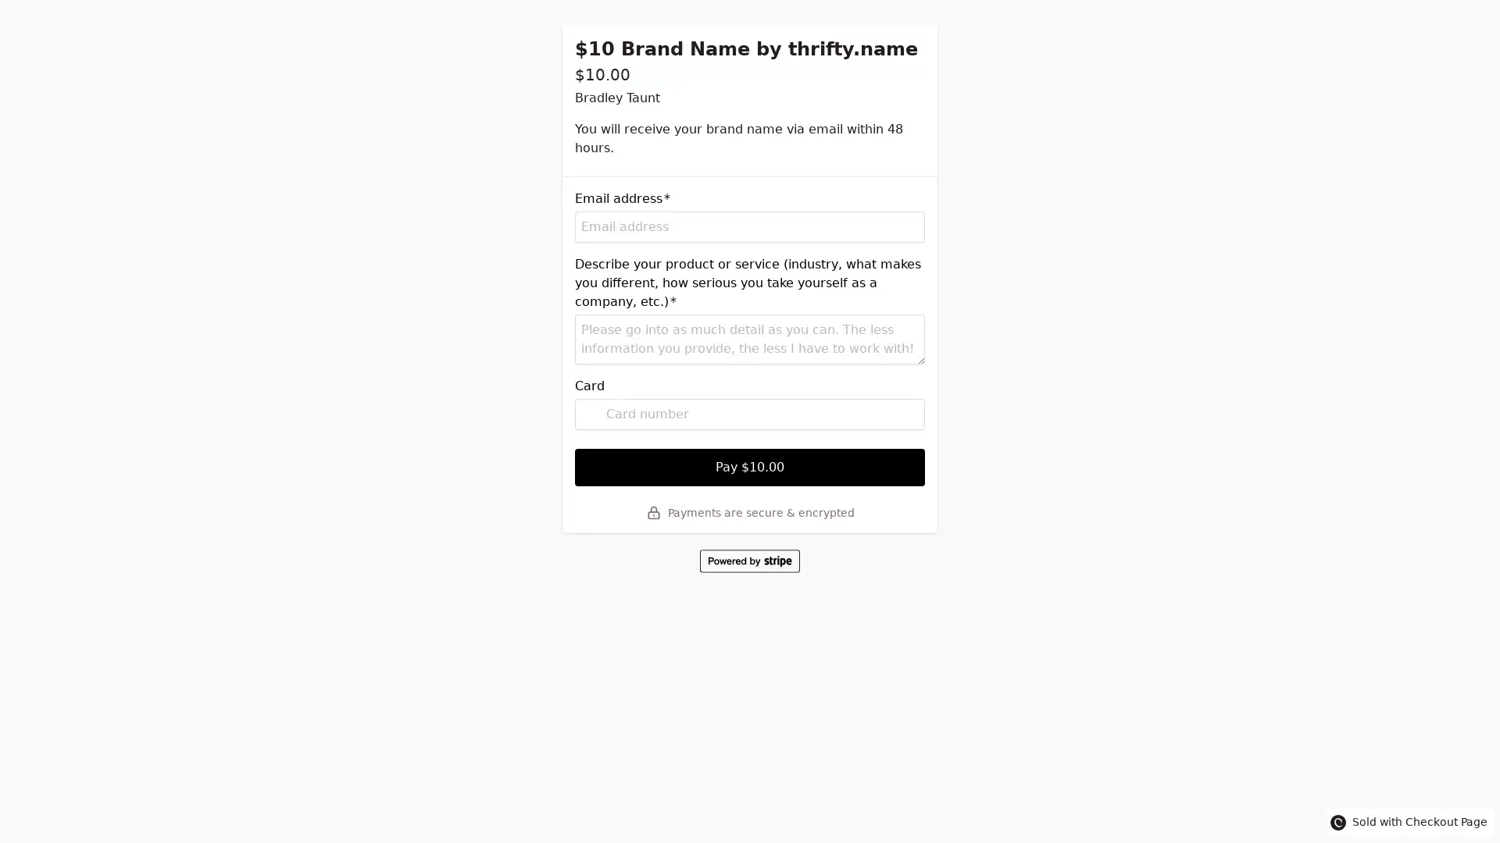 The image size is (1500, 843). I want to click on Pay $10.00, so click(750, 466).